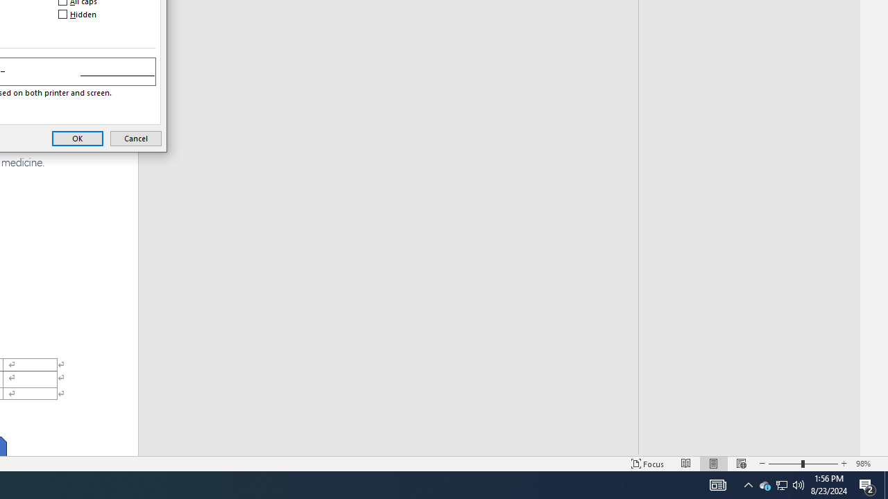 Image resolution: width=888 pixels, height=499 pixels. Describe the element at coordinates (714, 464) in the screenshot. I see `'Print Layout'` at that location.